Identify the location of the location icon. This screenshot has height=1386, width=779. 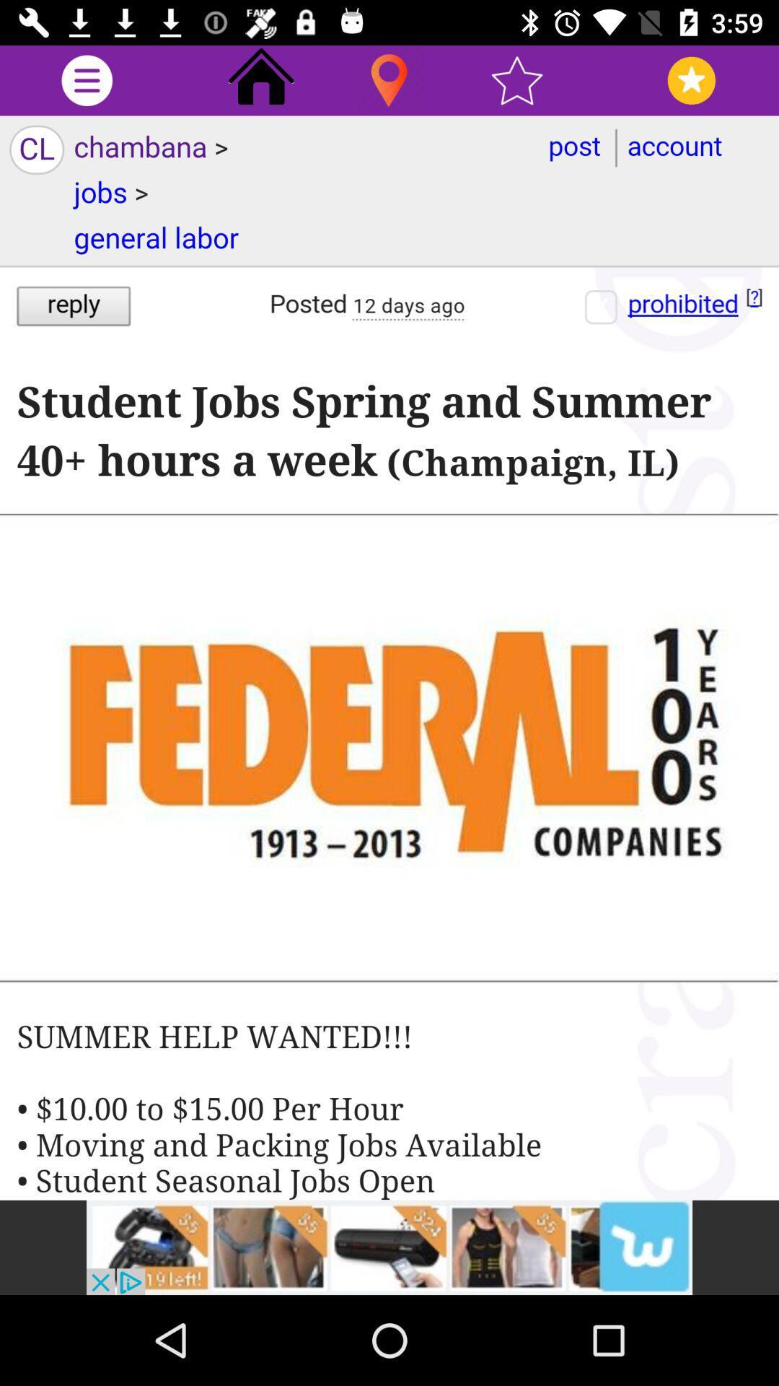
(388, 79).